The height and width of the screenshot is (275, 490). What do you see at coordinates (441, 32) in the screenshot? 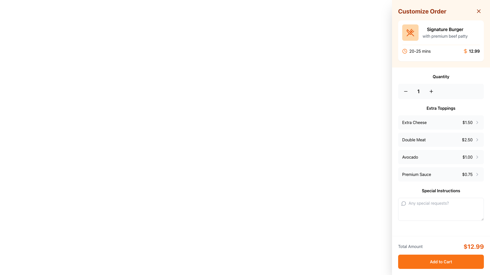
I see `the Informational display section located in the 'Customize Order' column, which provides the title and description for the selected menu item` at bounding box center [441, 32].